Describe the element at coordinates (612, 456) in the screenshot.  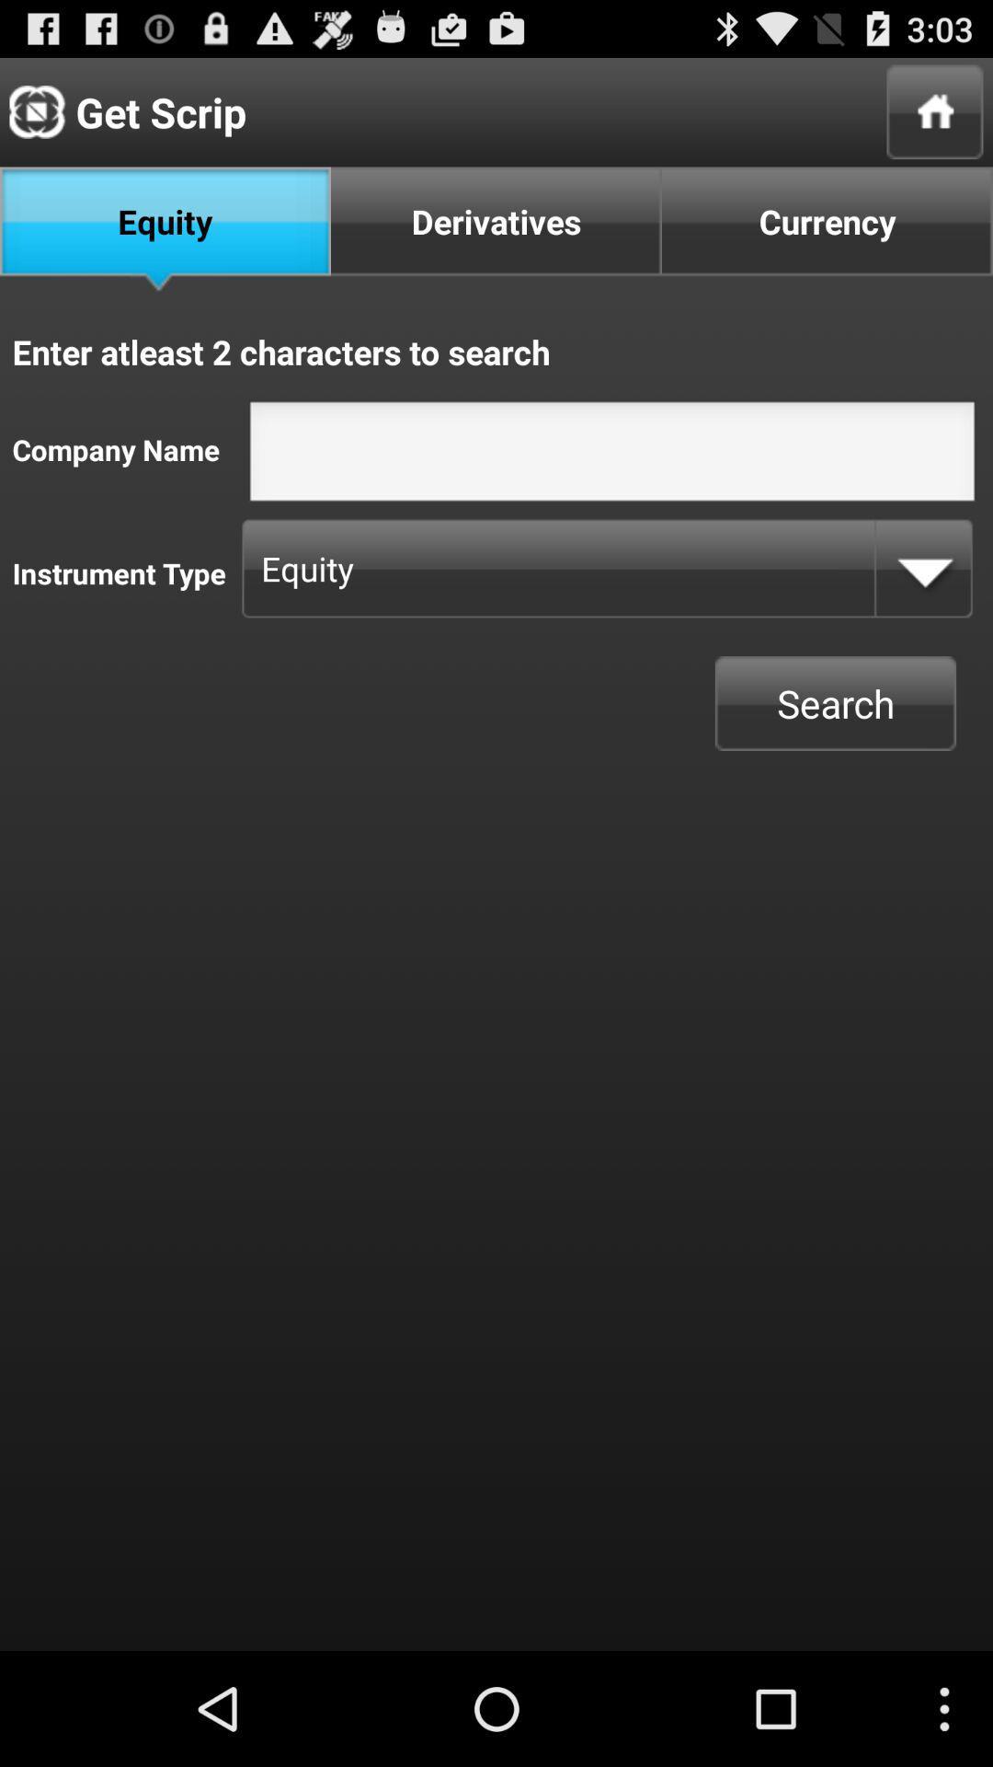
I see `screen page` at that location.